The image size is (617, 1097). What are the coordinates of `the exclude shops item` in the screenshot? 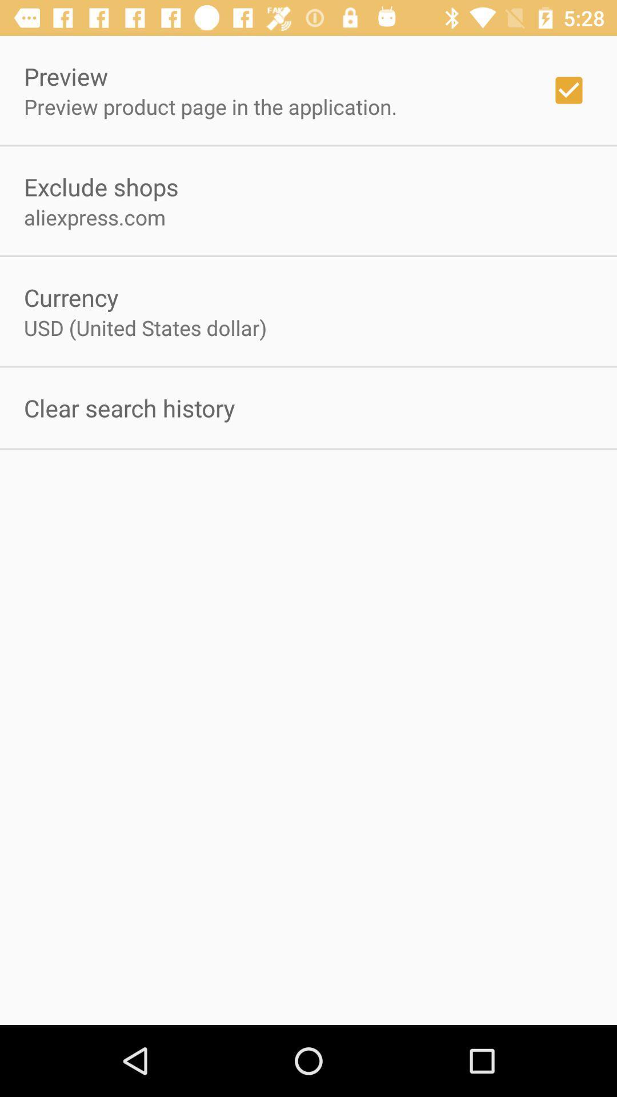 It's located at (101, 186).